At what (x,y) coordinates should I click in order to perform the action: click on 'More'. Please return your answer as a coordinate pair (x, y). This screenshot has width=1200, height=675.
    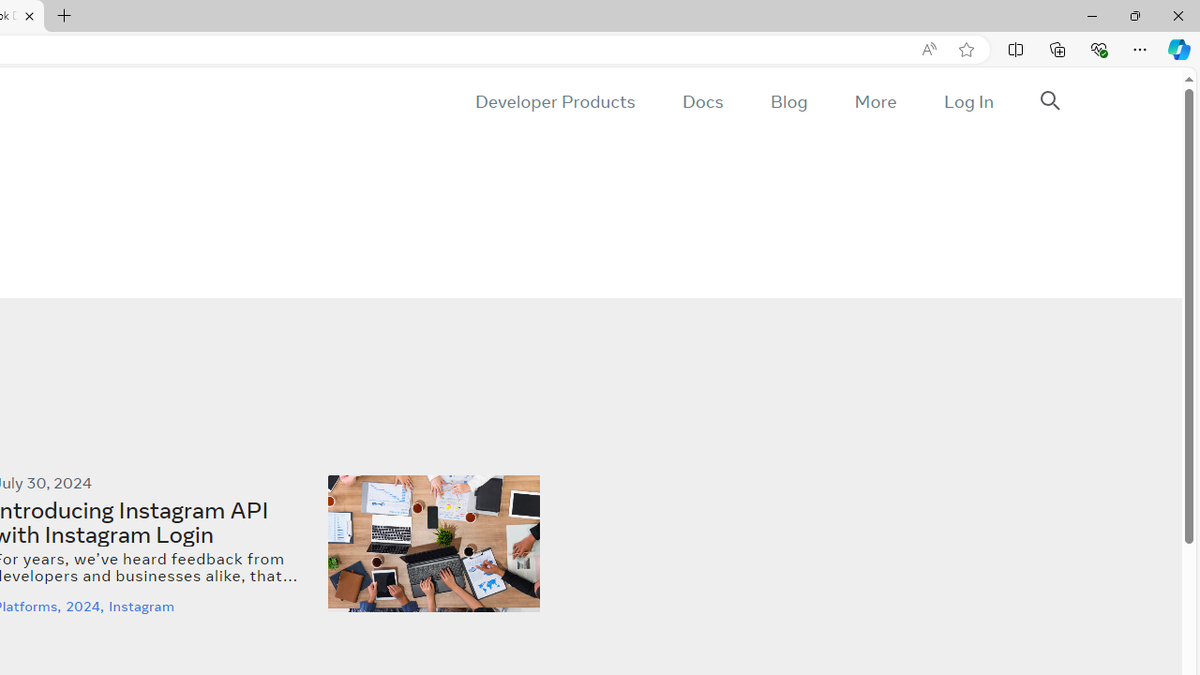
    Looking at the image, I should click on (874, 101).